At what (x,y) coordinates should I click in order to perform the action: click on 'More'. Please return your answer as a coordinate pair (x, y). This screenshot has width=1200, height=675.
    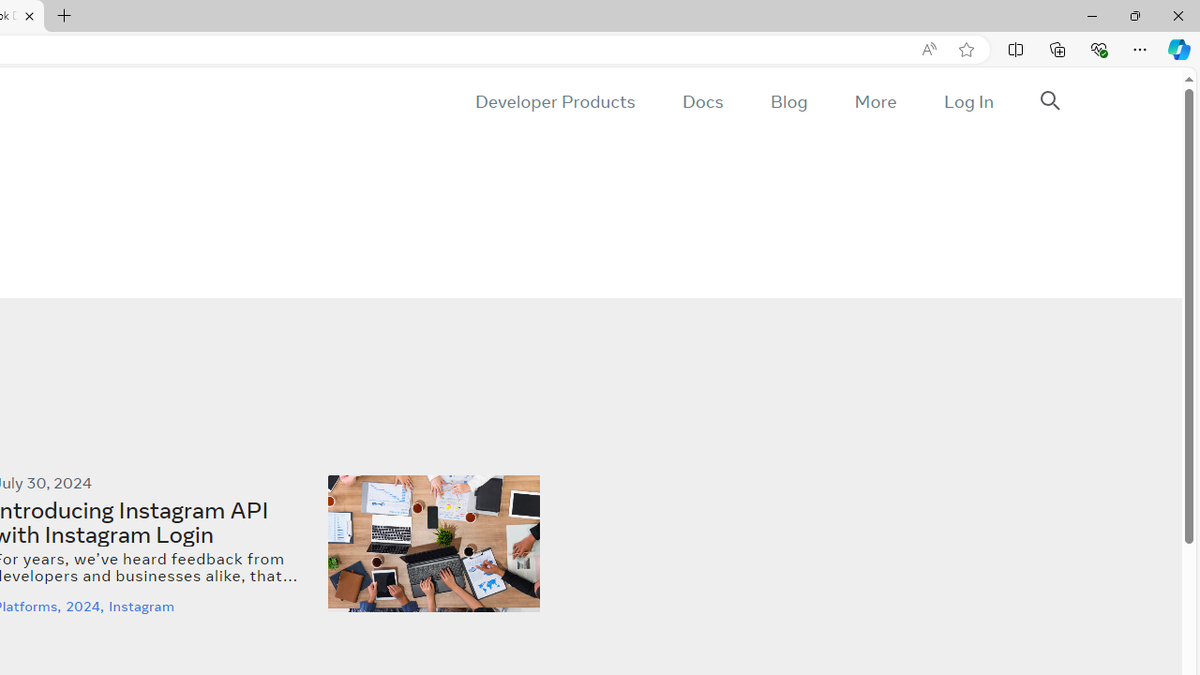
    Looking at the image, I should click on (874, 101).